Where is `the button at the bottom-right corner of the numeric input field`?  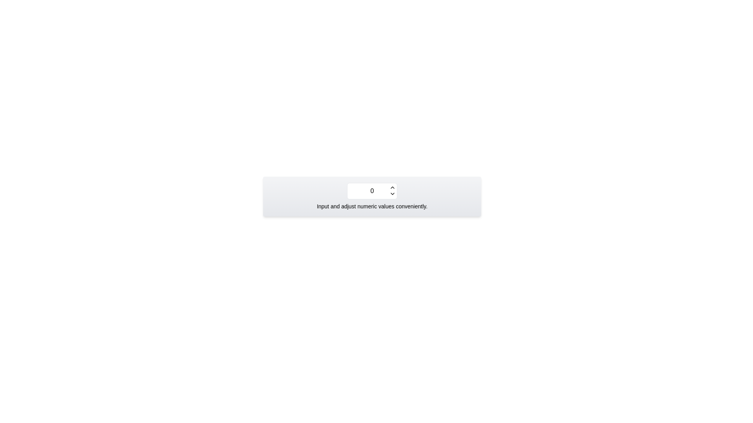
the button at the bottom-right corner of the numeric input field is located at coordinates (393, 193).